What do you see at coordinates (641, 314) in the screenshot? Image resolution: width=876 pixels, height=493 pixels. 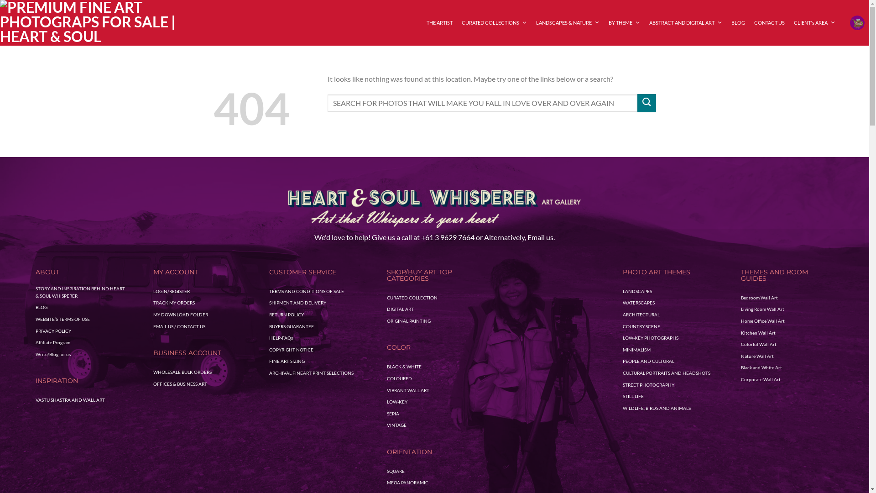 I see `'ARCHITECTURAL'` at bounding box center [641, 314].